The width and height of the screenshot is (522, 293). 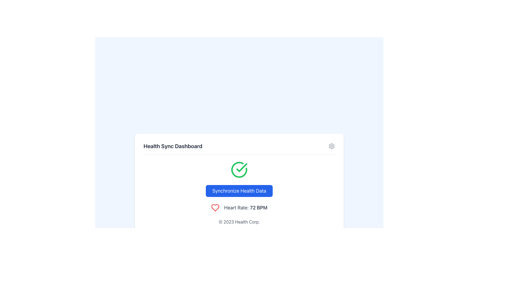 I want to click on the text label displaying the current heart rate of '72 BPM' located at the bottom center of the card, so click(x=245, y=208).